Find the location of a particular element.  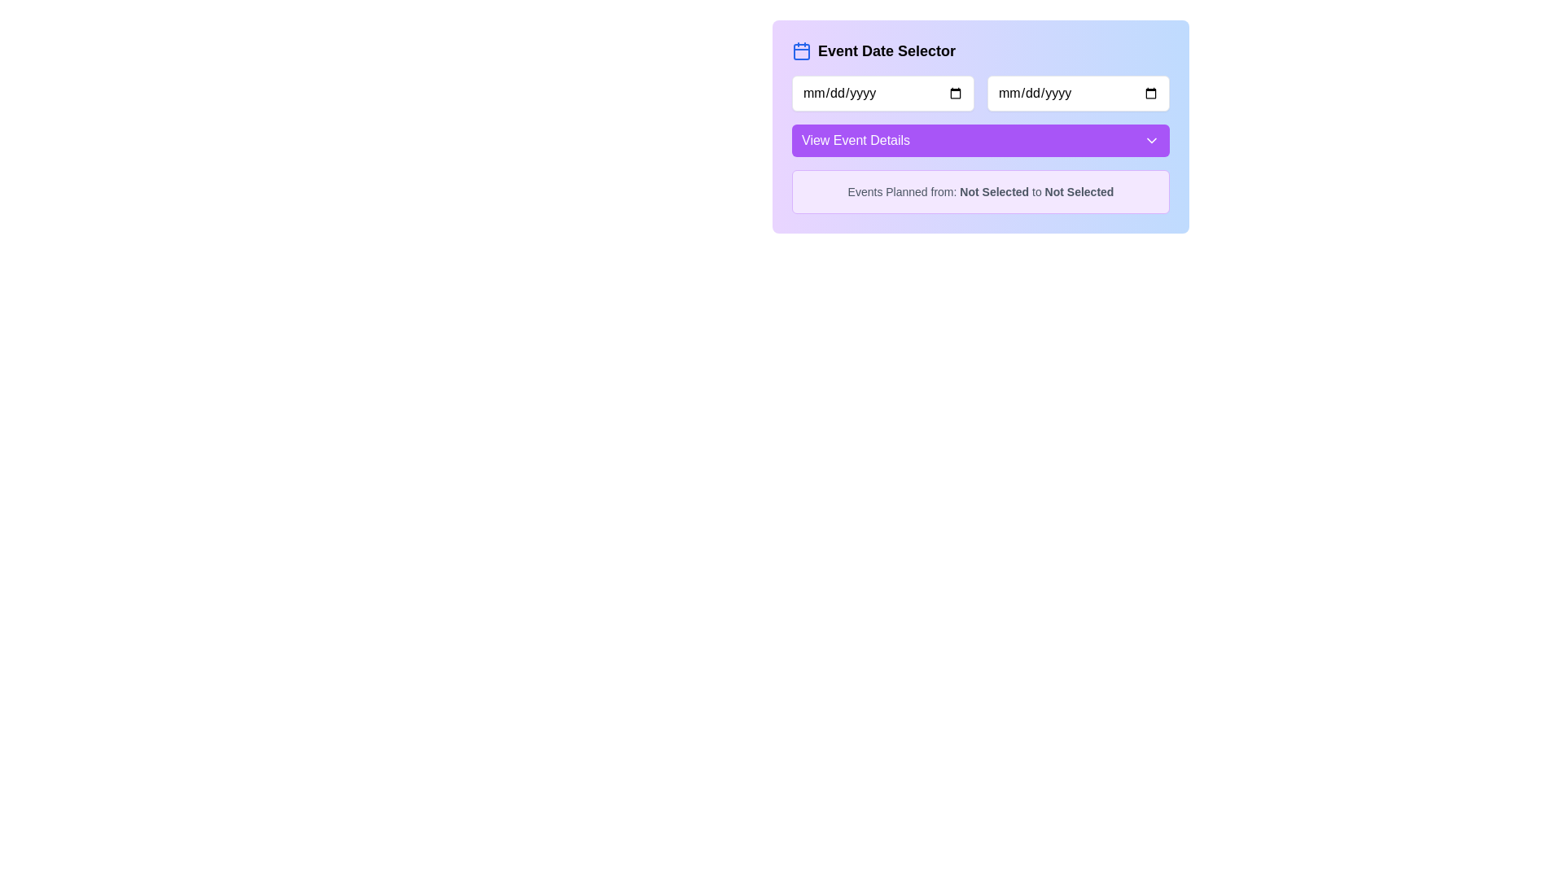

the blue calendar icon with rounded corners located to the left of the 'Event Date Selector' text in the header area of the interface is located at coordinates (801, 50).